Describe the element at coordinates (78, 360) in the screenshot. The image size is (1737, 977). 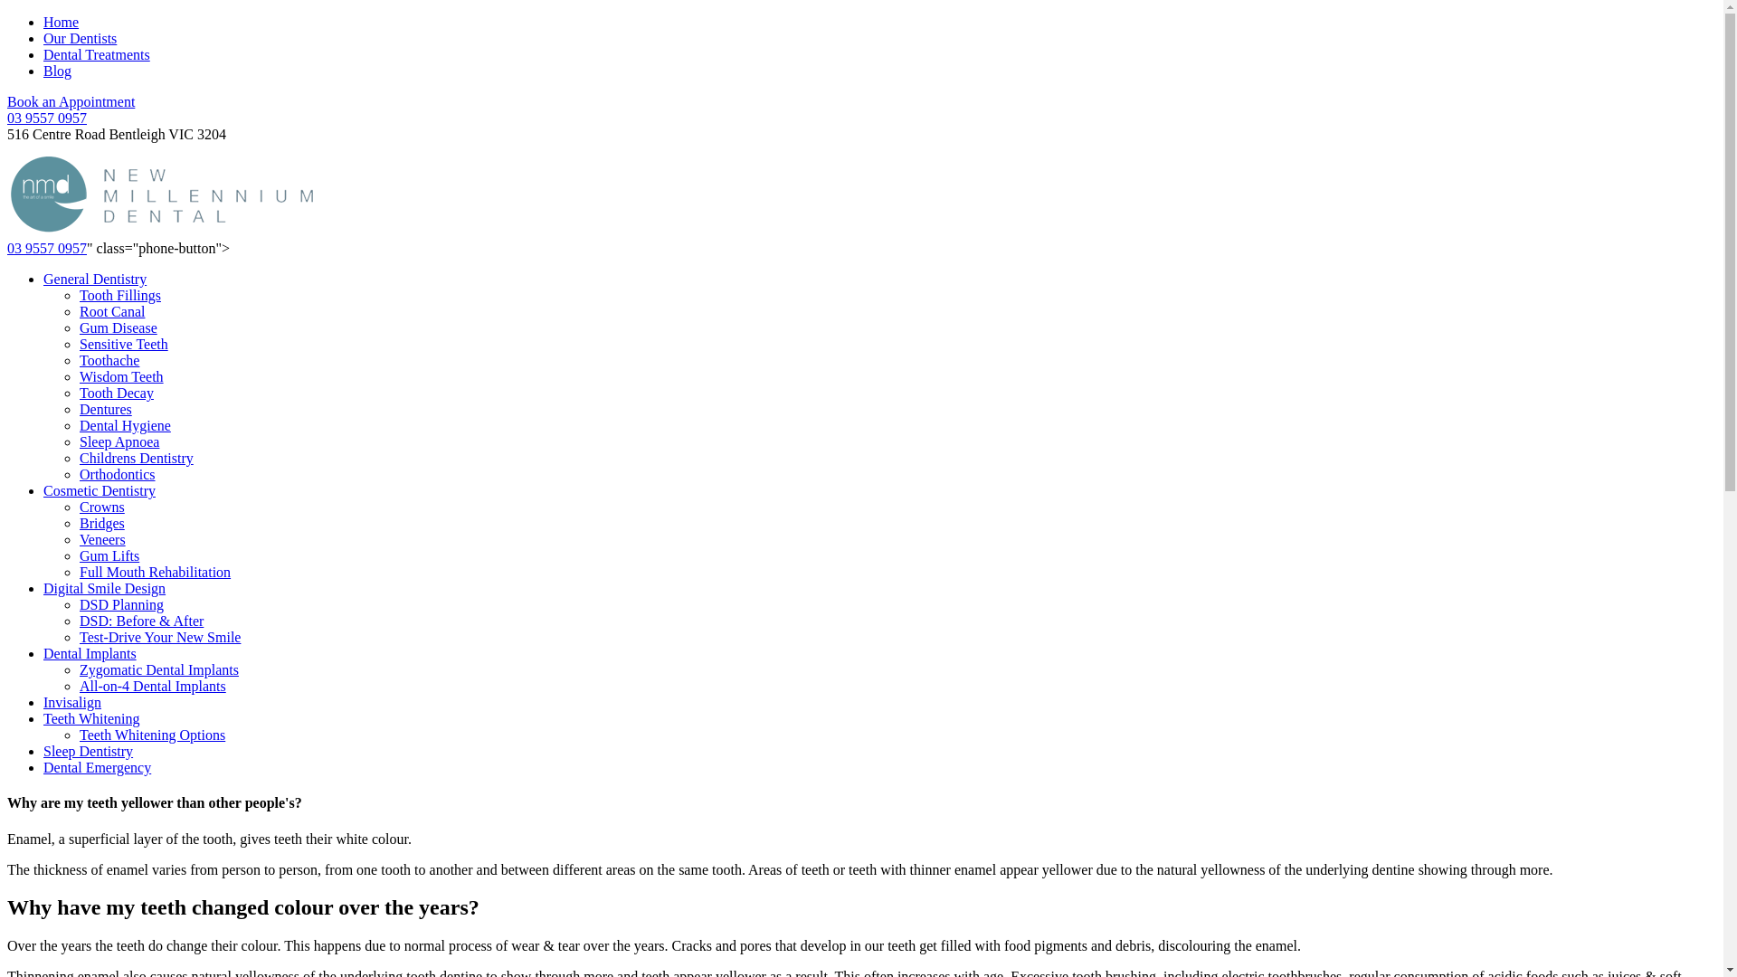
I see `'Toothache'` at that location.